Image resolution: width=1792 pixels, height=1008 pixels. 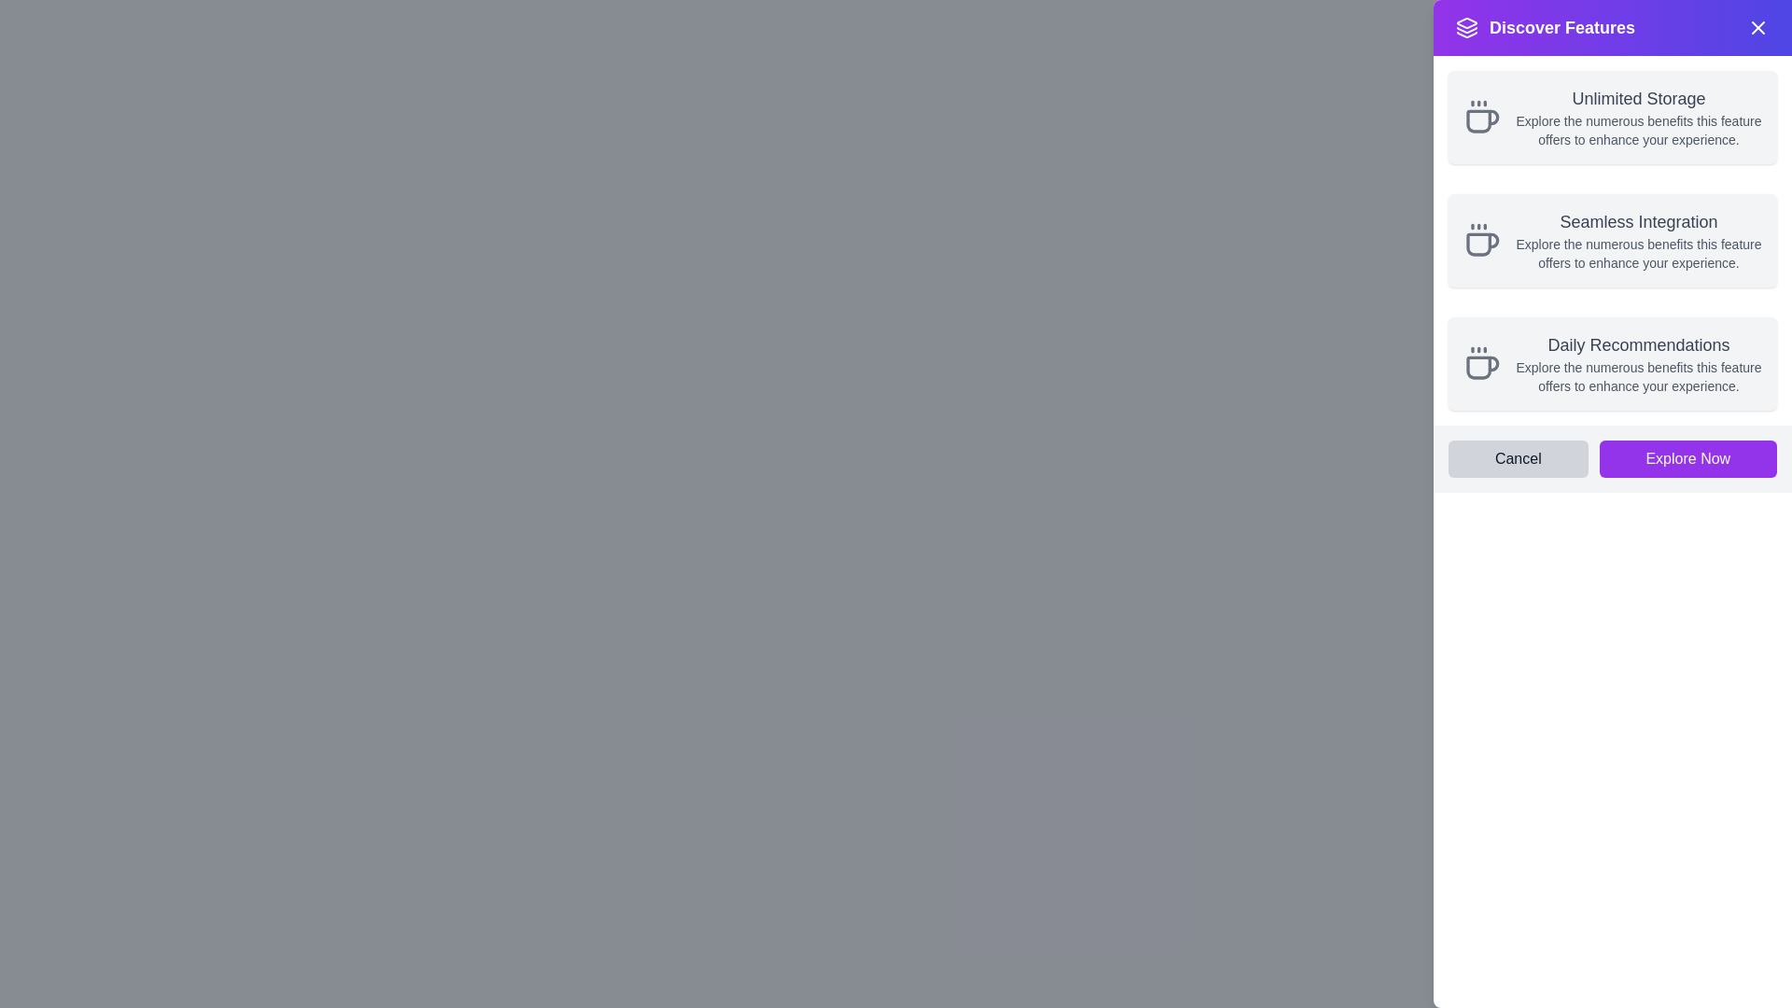 What do you see at coordinates (1481, 118) in the screenshot?
I see `the decorative icon representing the 'Unlimited Storage' feature, located on the left side next to the title 'Unlimited Storage'` at bounding box center [1481, 118].